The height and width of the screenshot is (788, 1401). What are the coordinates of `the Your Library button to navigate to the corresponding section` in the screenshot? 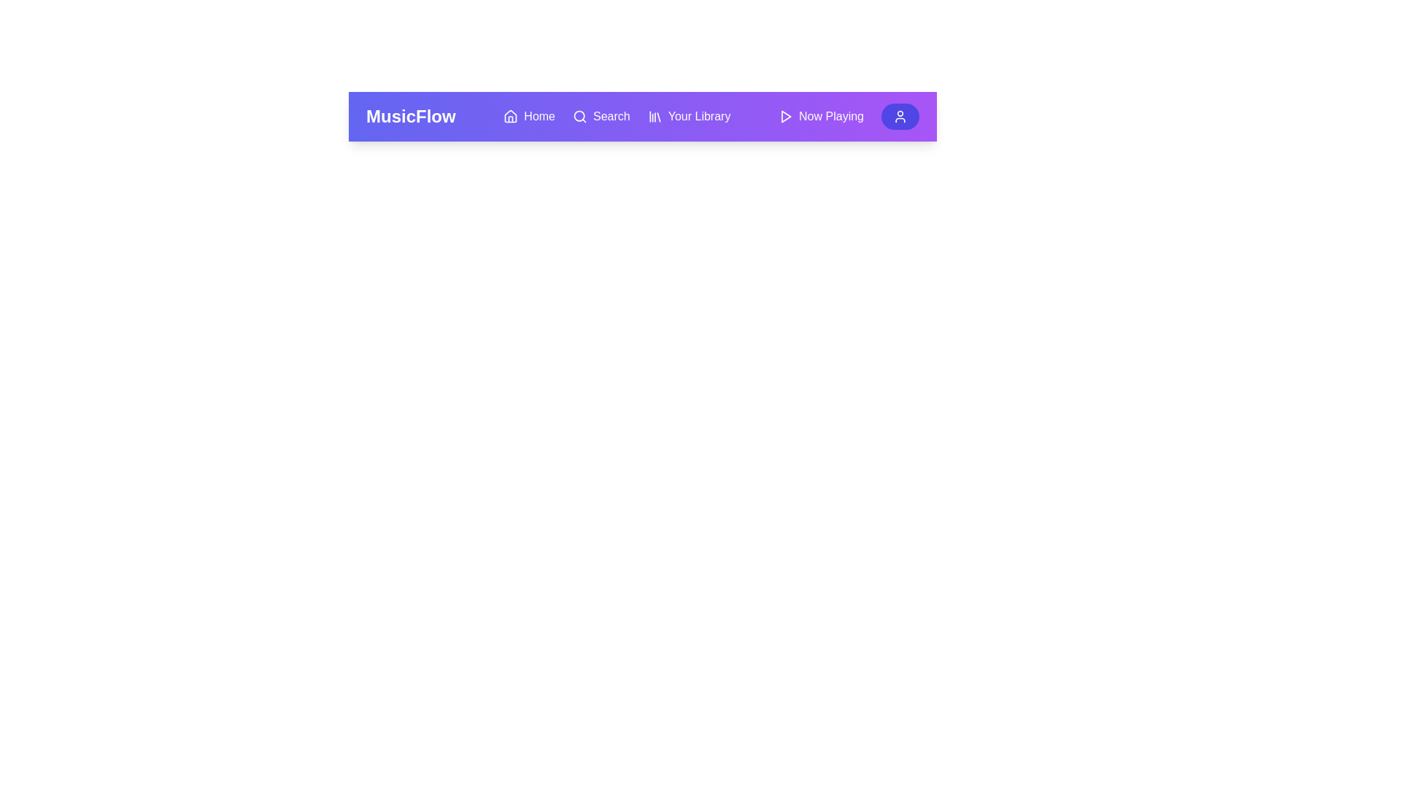 It's located at (688, 115).